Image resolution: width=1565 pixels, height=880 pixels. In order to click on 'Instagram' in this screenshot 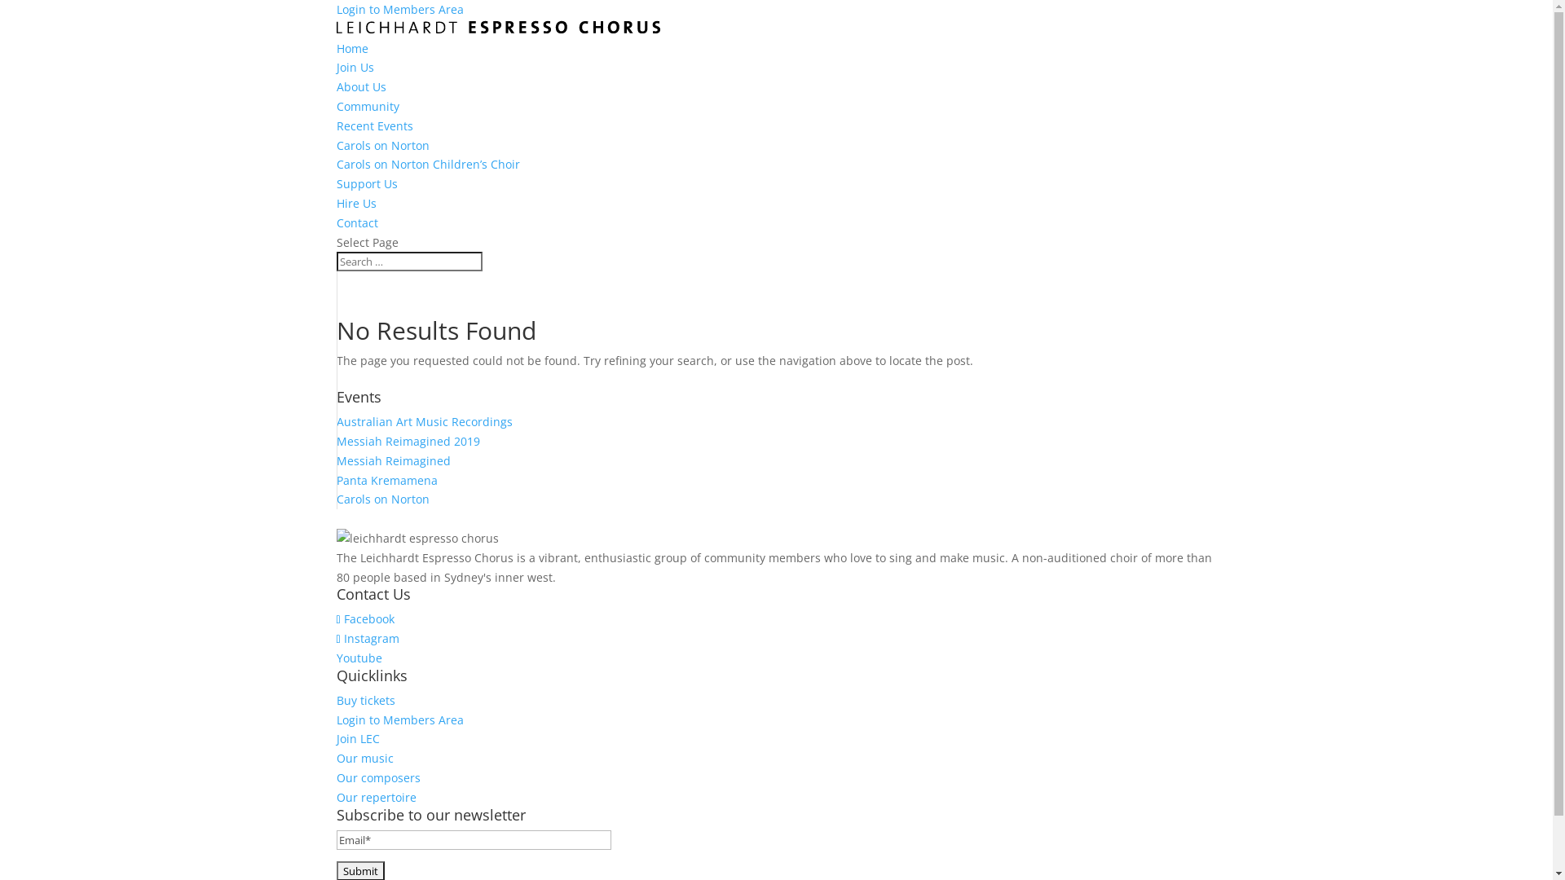, I will do `click(366, 637)`.